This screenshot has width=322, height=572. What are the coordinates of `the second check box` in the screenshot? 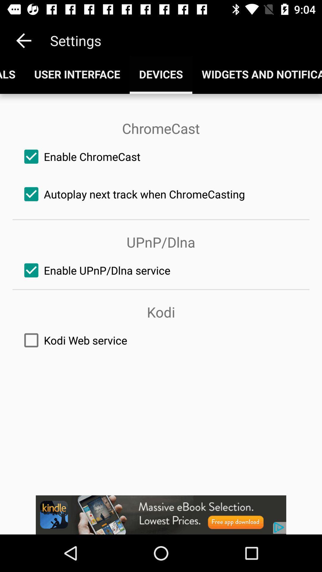 It's located at (161, 194).